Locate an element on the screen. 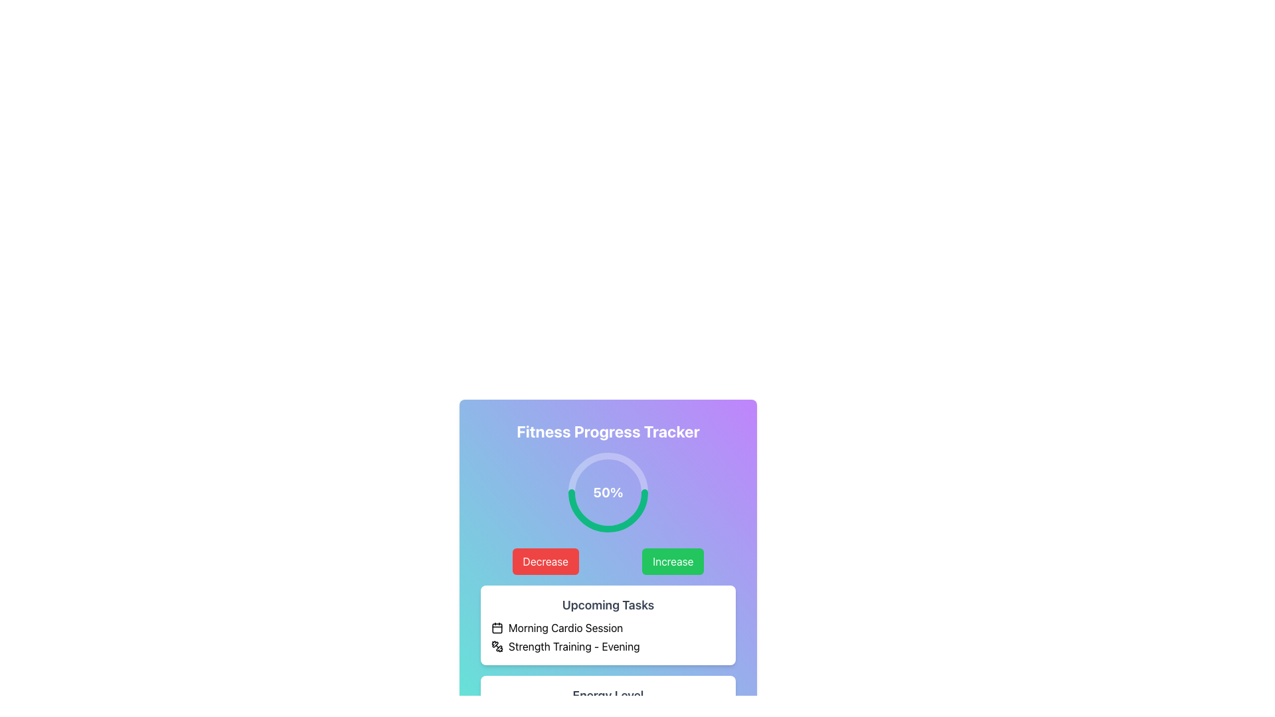  the rounded rectangle within the calendar SVG icon, which is styled without fill or stroke, located centrally in the icon is located at coordinates (496, 627).